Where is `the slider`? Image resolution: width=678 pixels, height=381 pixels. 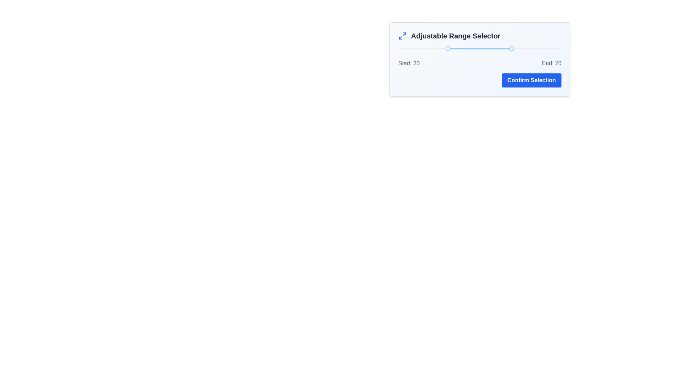
the slider is located at coordinates (522, 48).